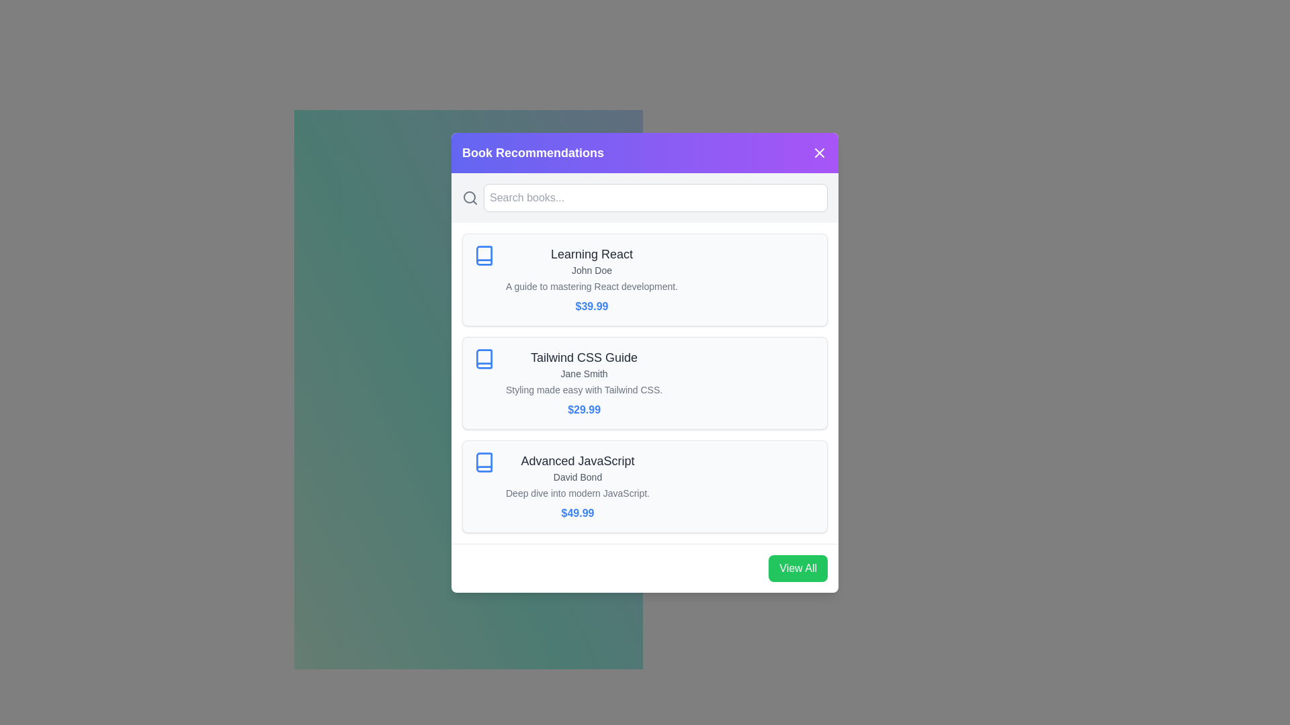 The height and width of the screenshot is (725, 1290). Describe the element at coordinates (577, 493) in the screenshot. I see `tagline text for the book titled 'Advanced JavaScript', located in the lower part of the third book recommendation card, between the author's name and the book price` at that location.